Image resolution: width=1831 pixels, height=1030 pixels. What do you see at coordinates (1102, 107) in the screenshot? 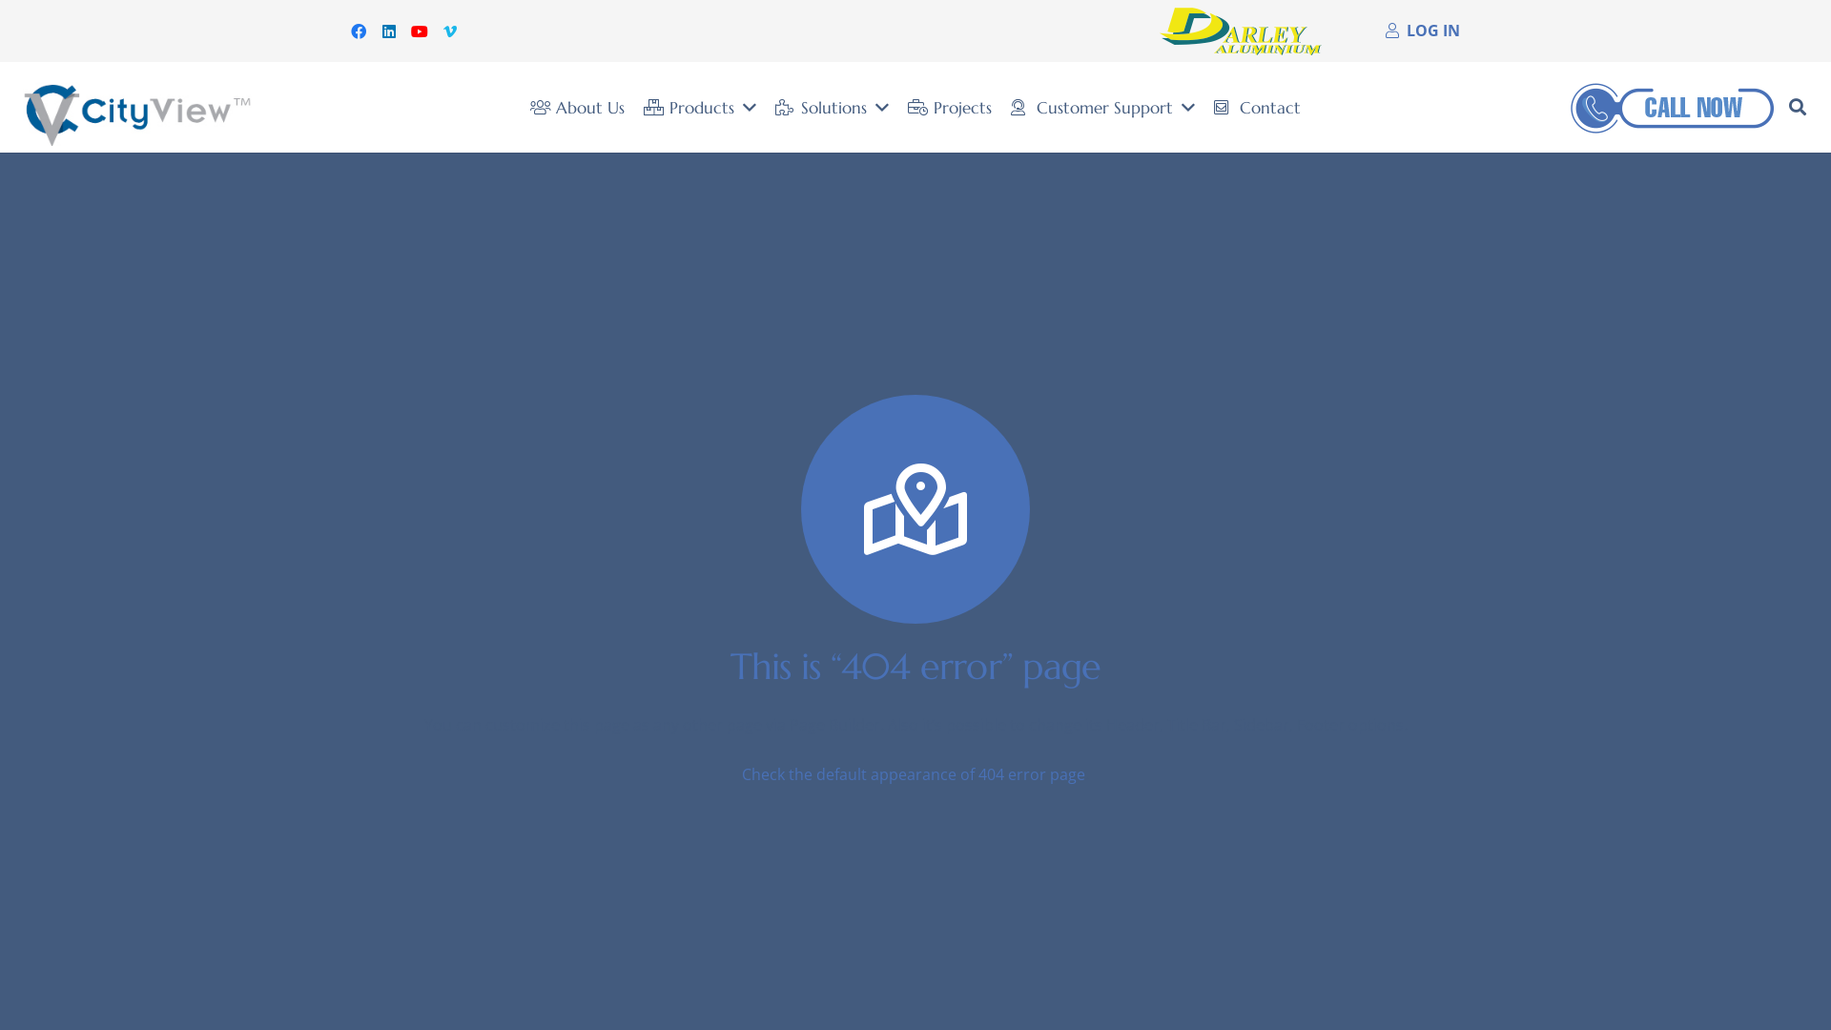
I see `'Customer Support'` at bounding box center [1102, 107].